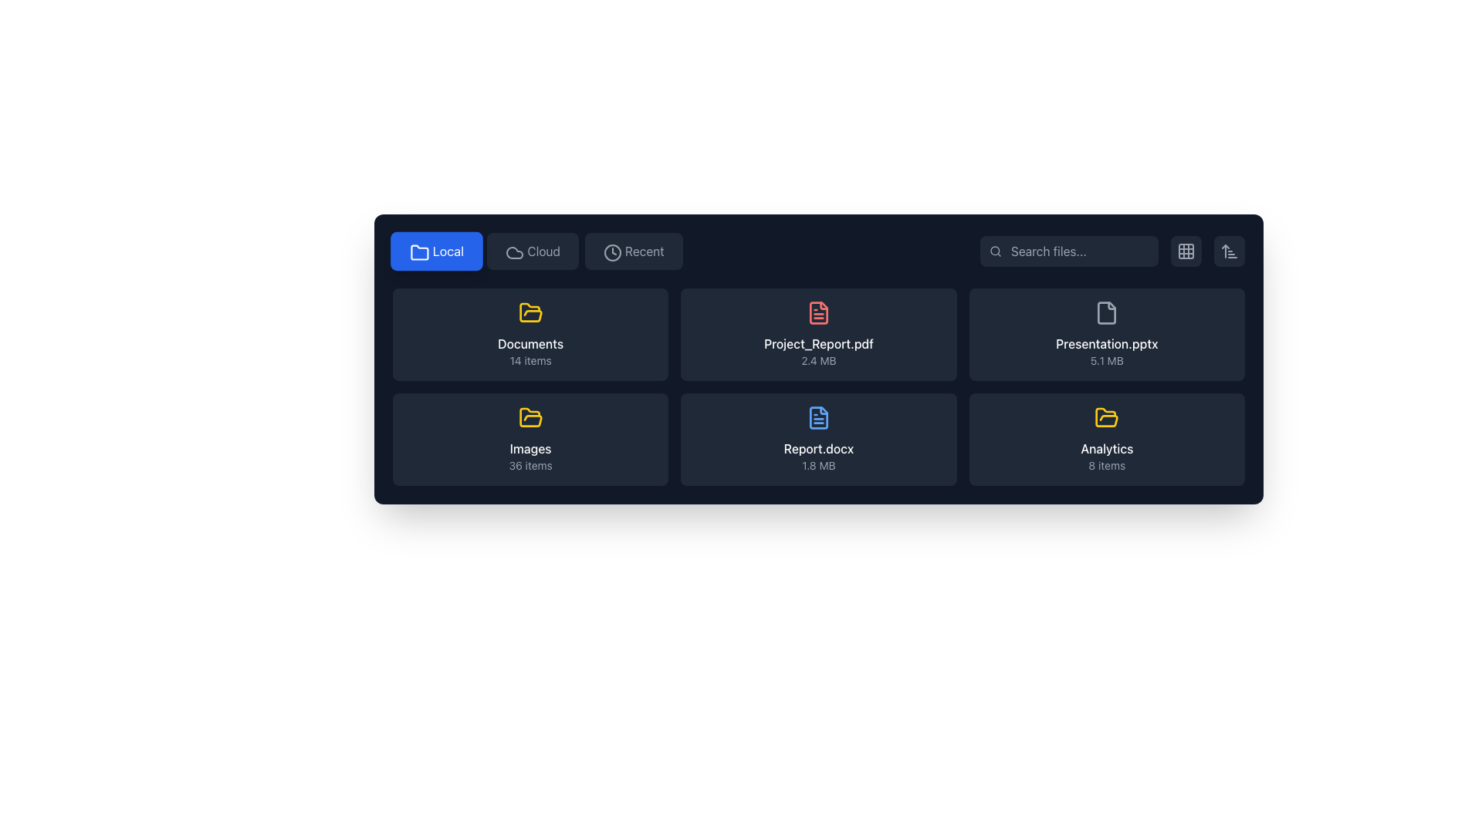  What do you see at coordinates (515, 251) in the screenshot?
I see `the cloud storage icon located in the top navigation bar, which serves as a decorative representation for cloud storage` at bounding box center [515, 251].